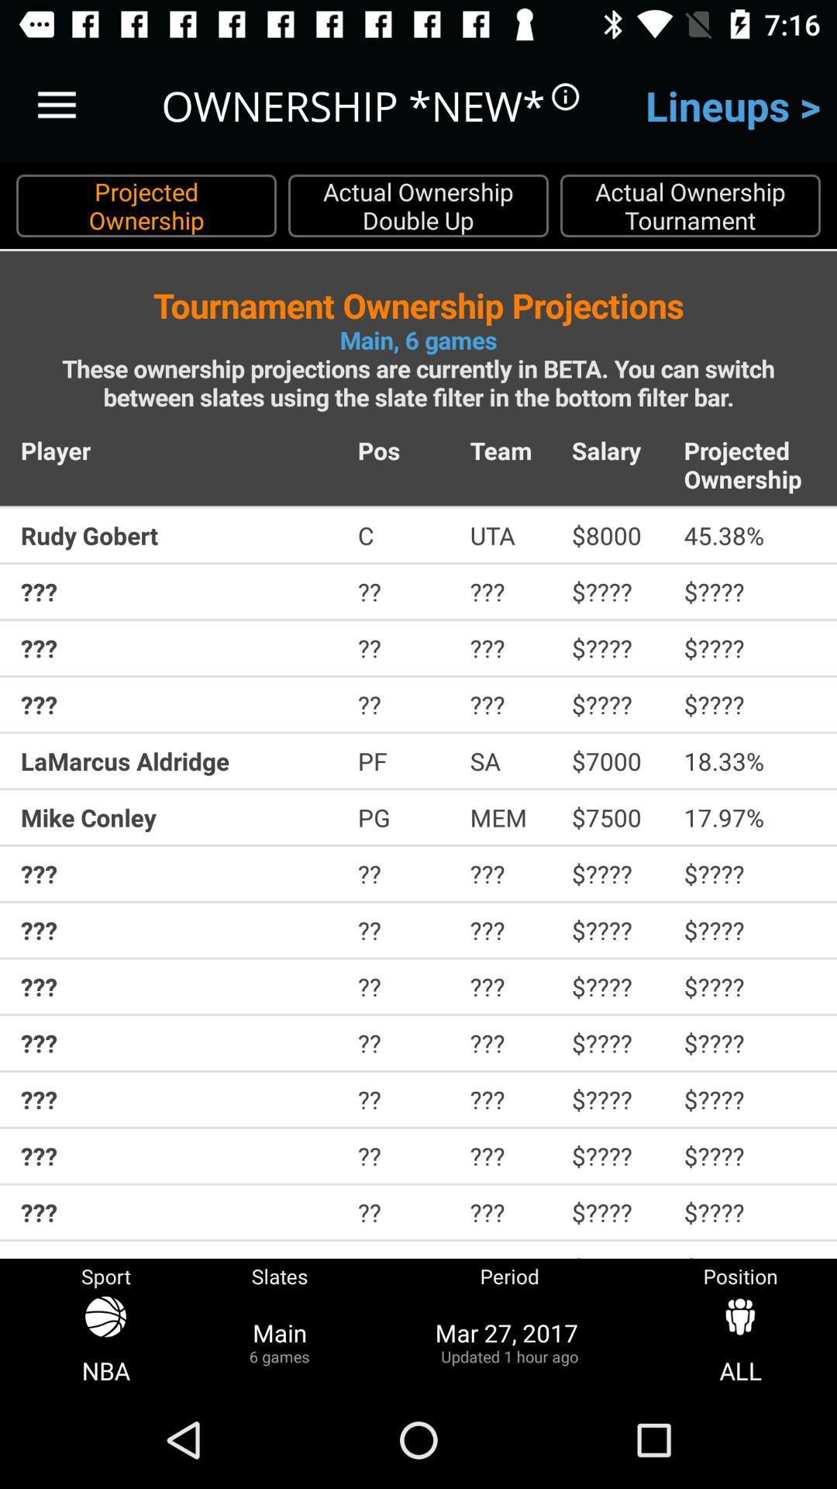 This screenshot has width=837, height=1489. I want to click on the $7000 item, so click(616, 761).